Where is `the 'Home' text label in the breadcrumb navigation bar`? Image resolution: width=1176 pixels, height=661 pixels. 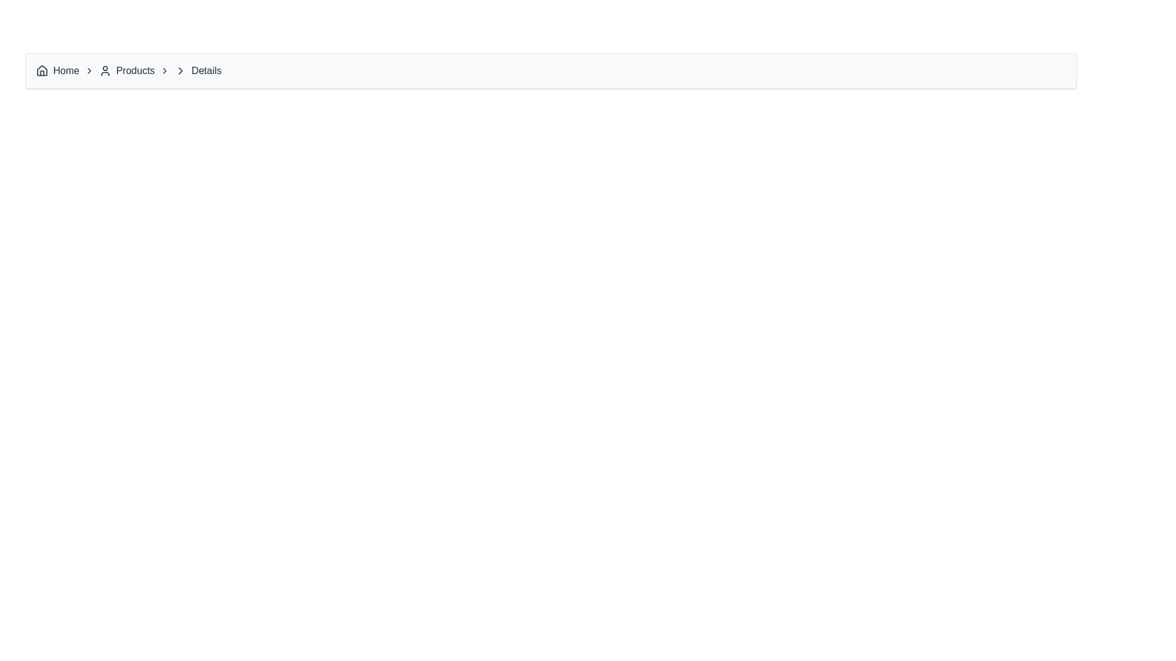
the 'Home' text label in the breadcrumb navigation bar is located at coordinates (66, 70).